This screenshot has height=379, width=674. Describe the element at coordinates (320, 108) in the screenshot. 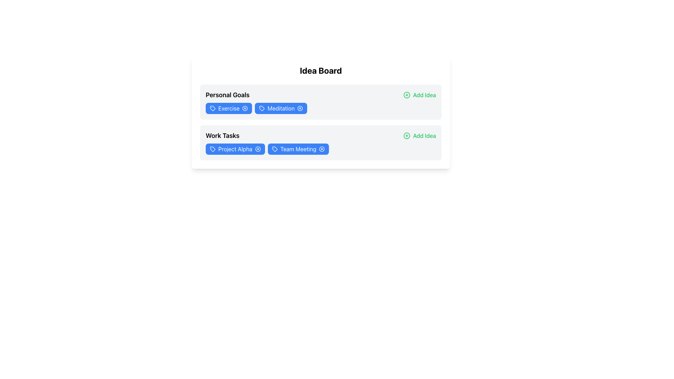

I see `the tag within the 'Personal Goals' section that displays 'Exercise' or 'Meditation'` at that location.